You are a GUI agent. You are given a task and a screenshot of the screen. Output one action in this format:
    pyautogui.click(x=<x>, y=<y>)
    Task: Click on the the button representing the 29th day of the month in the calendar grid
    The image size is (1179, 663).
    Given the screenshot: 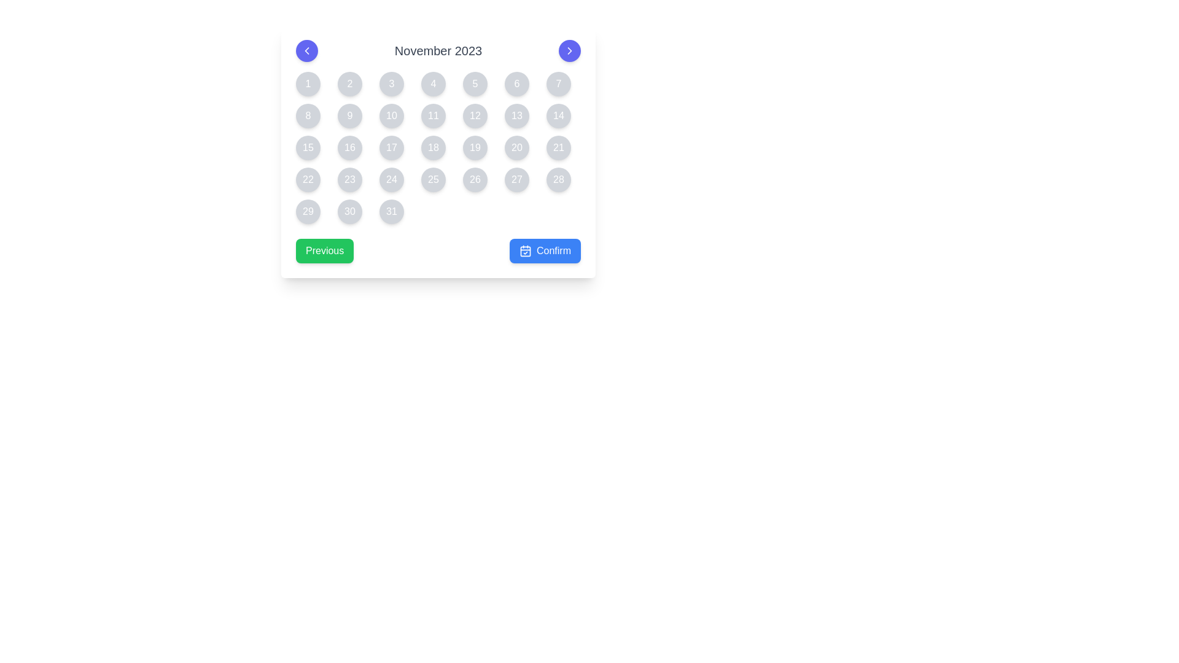 What is the action you would take?
    pyautogui.click(x=308, y=211)
    